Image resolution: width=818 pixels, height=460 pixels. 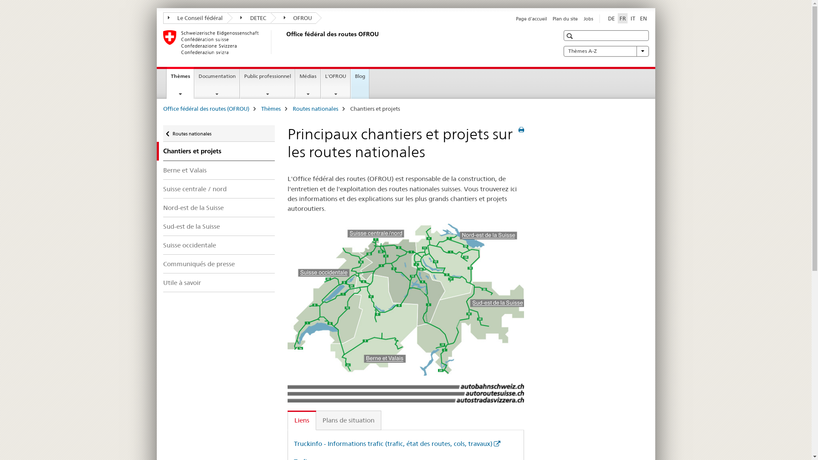 What do you see at coordinates (335, 83) in the screenshot?
I see `'L'OFROU'` at bounding box center [335, 83].